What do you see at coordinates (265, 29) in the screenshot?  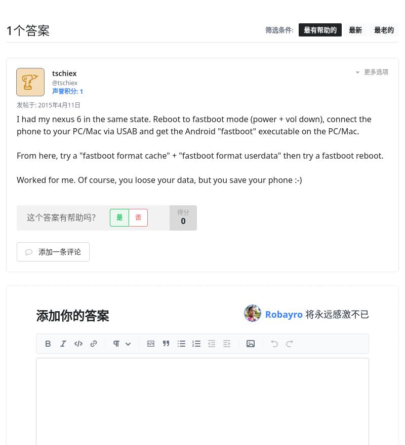 I see `'筛选条件:'` at bounding box center [265, 29].